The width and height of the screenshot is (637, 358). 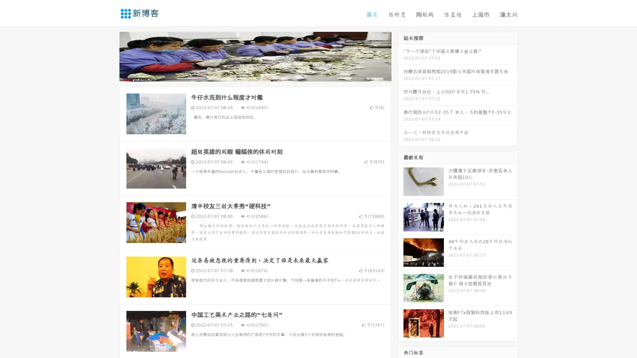 I want to click on Go to slide 3, so click(x=262, y=75).